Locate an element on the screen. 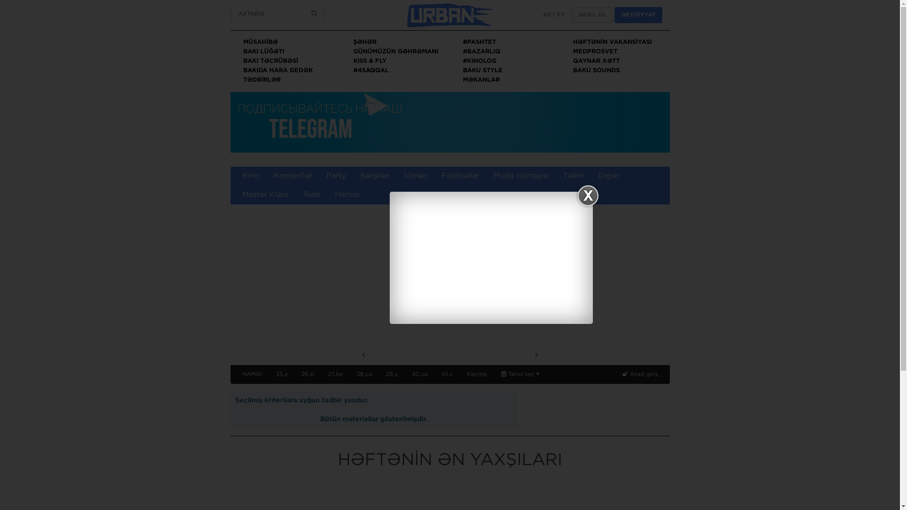  'Party' is located at coordinates (336, 176).